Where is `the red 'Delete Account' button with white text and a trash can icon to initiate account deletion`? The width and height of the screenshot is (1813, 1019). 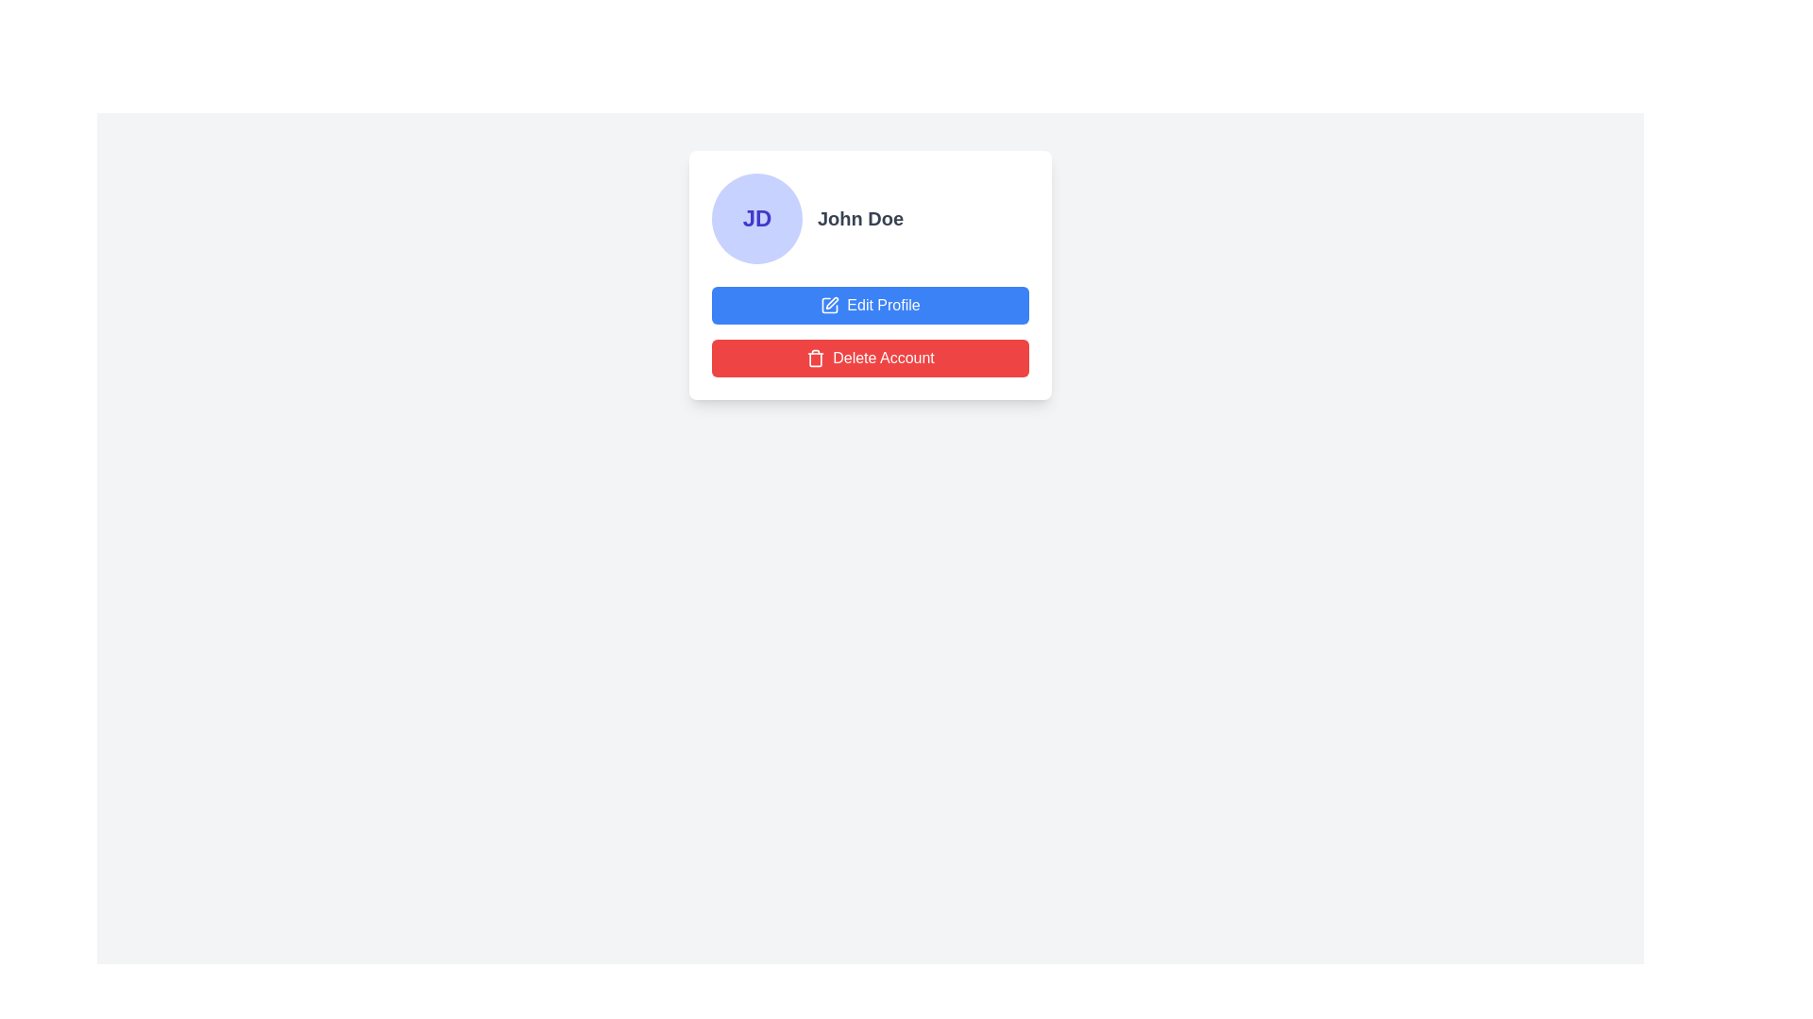 the red 'Delete Account' button with white text and a trash can icon to initiate account deletion is located at coordinates (869, 359).